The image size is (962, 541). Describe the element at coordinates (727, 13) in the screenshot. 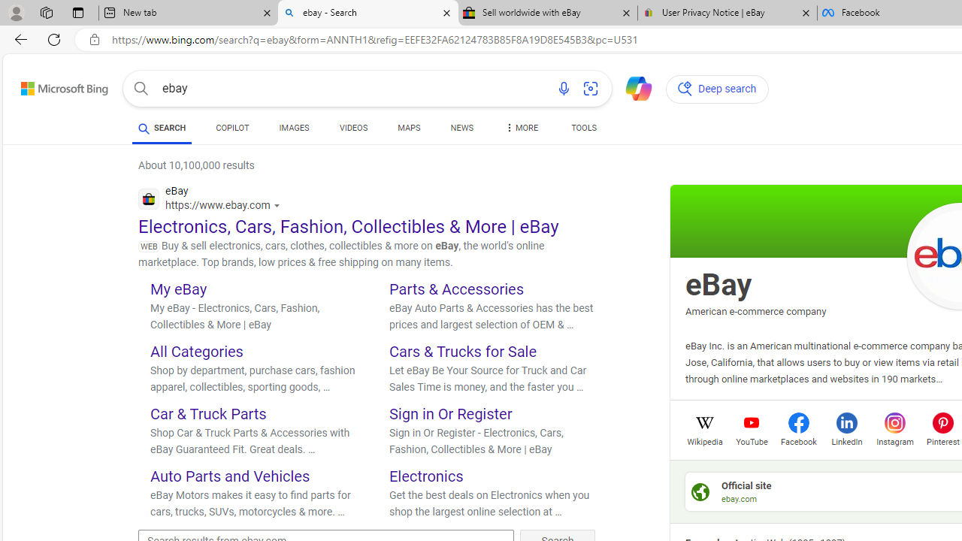

I see `'User Privacy Notice | eBay'` at that location.